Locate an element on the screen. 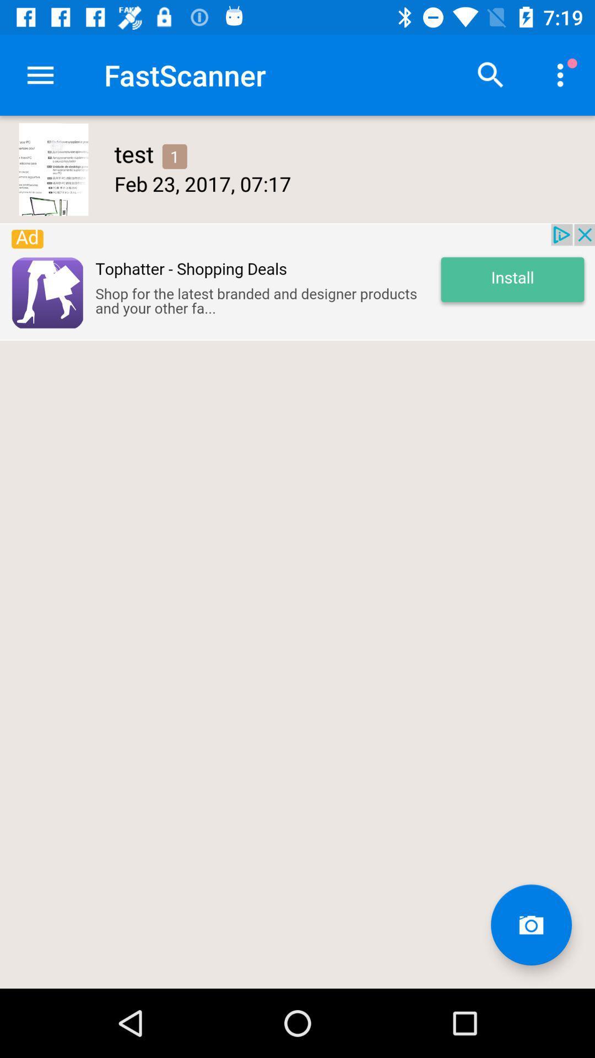  install app button is located at coordinates (297, 282).